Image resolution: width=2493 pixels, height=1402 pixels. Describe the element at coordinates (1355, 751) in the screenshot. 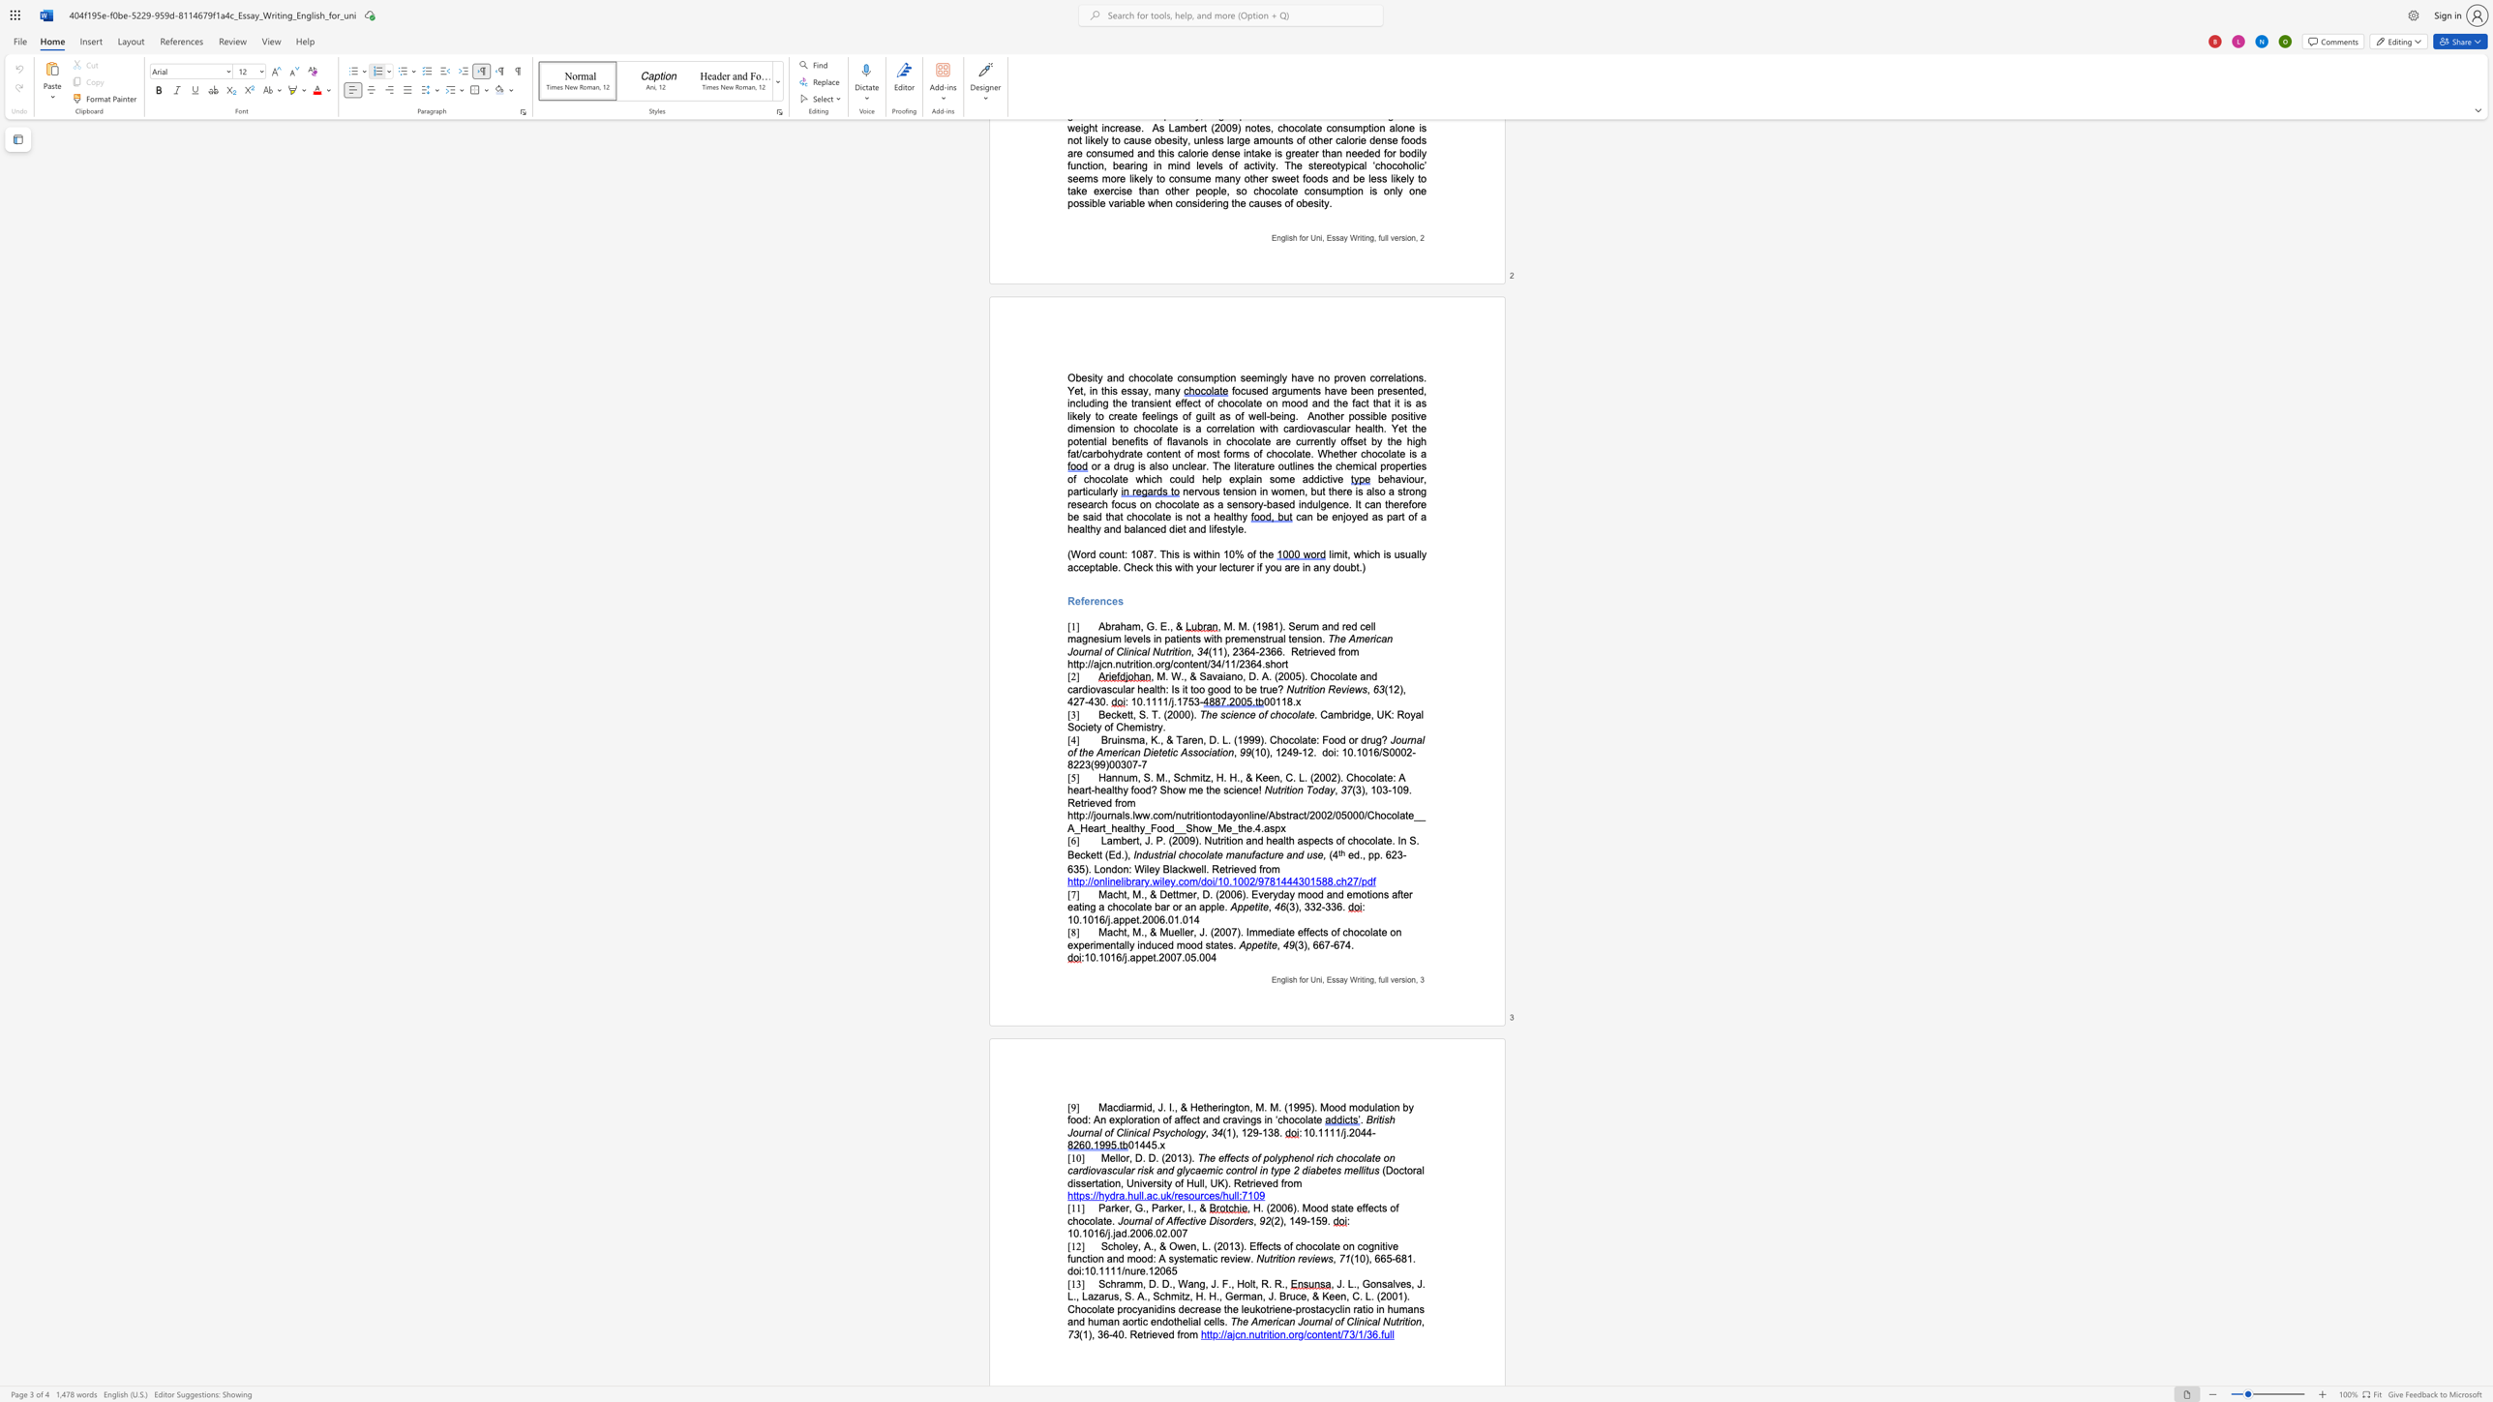

I see `the 1th character "." in the text` at that location.